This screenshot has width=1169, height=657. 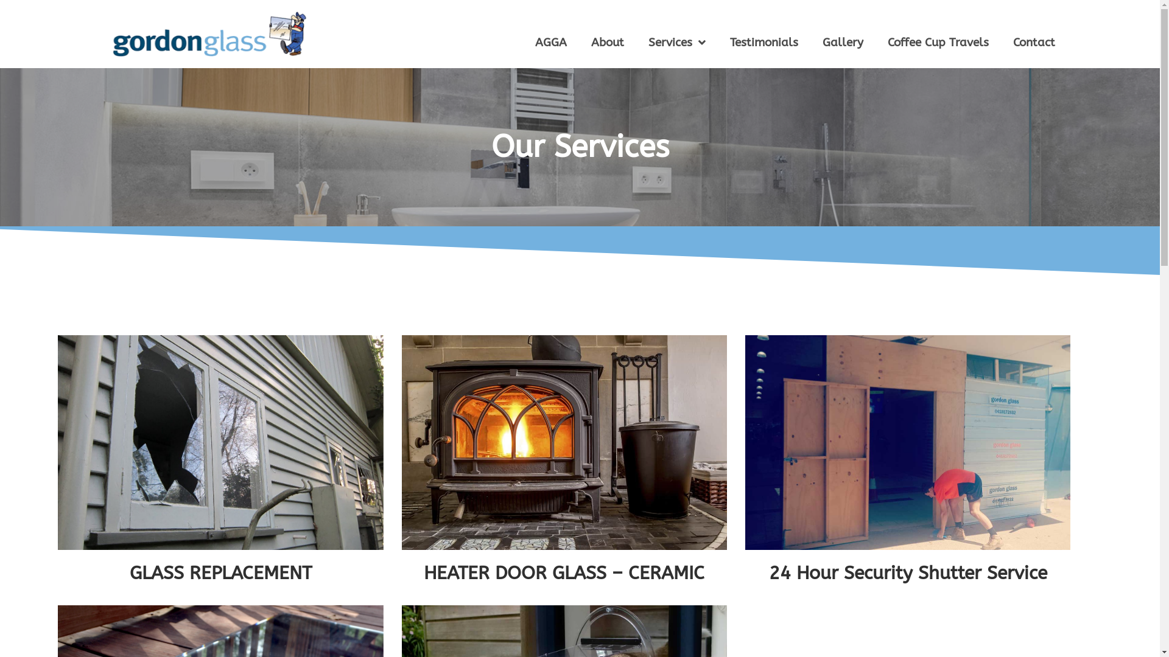 What do you see at coordinates (220, 572) in the screenshot?
I see `'GLASS REPLACEMENT'` at bounding box center [220, 572].